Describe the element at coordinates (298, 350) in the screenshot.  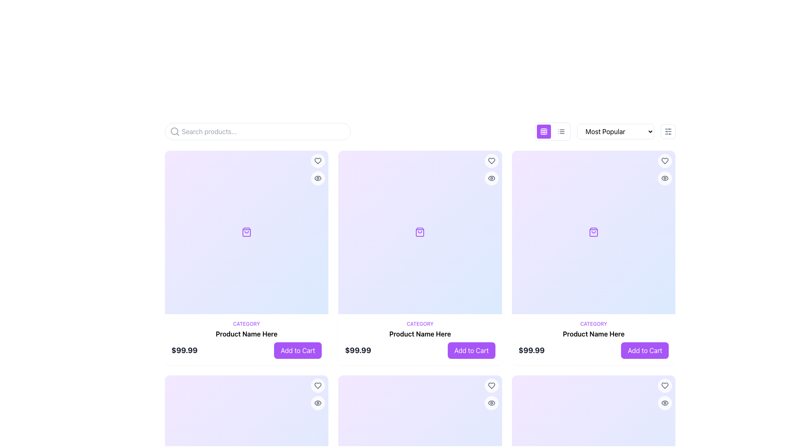
I see `the button with a purple background and white text labeled 'Add to Cart'` at that location.